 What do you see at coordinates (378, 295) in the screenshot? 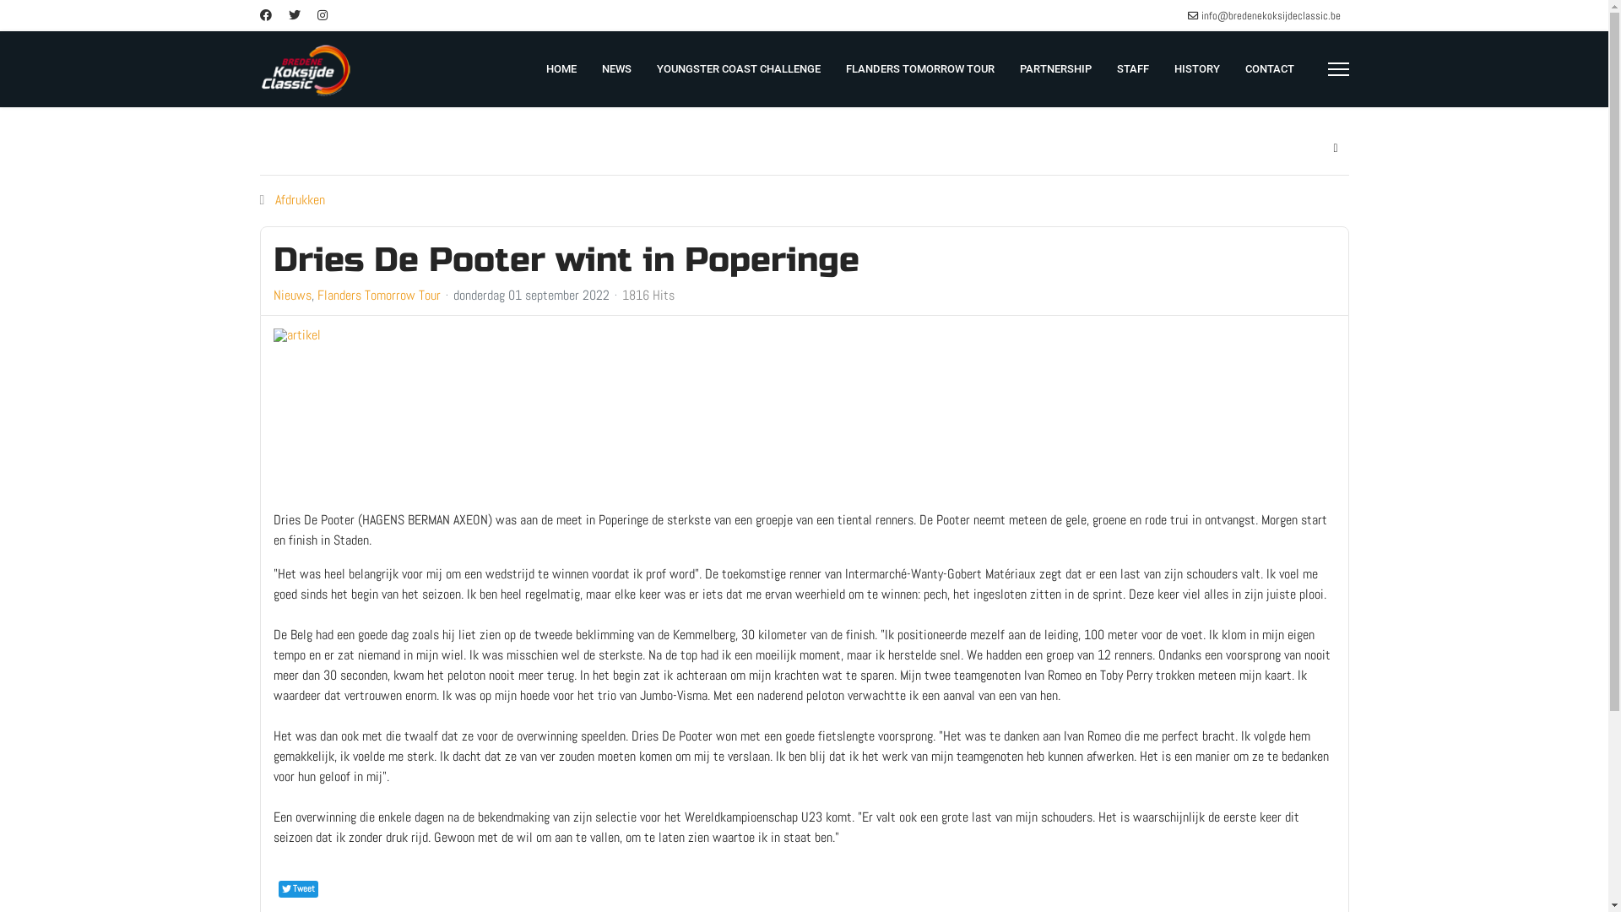
I see `'Flanders Tomorrow Tour'` at bounding box center [378, 295].